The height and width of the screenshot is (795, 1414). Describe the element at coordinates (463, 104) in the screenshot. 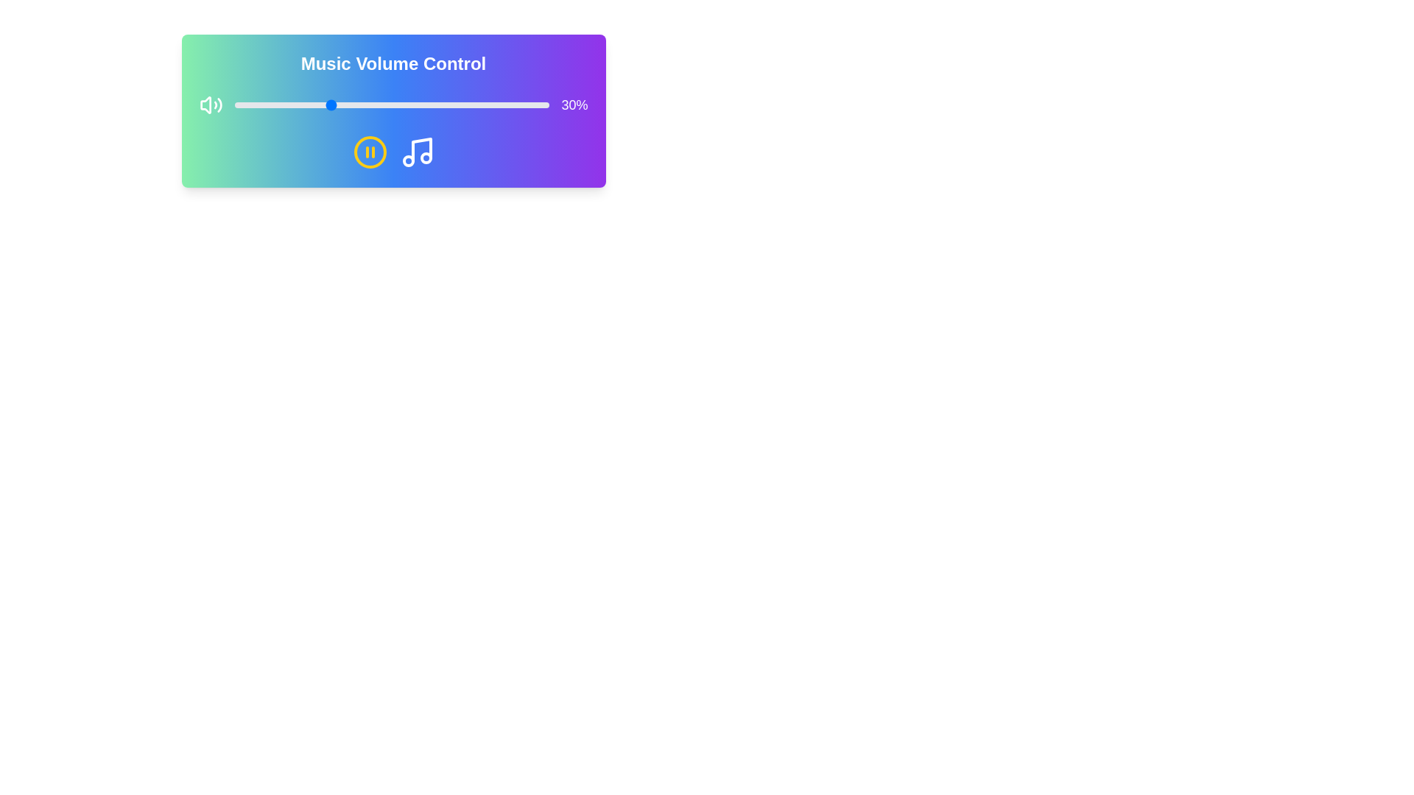

I see `the volume` at that location.